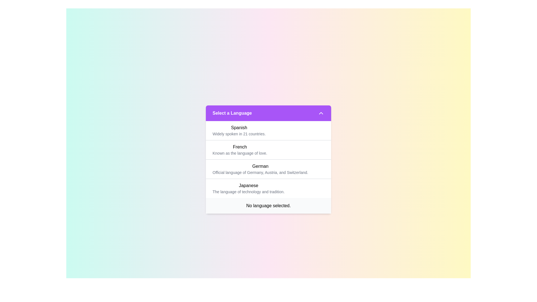 Image resolution: width=537 pixels, height=302 pixels. Describe the element at coordinates (268, 169) in the screenshot. I see `the selectable list item for 'German', which is the third option in the dropdown menu located between 'French' and 'Japanese'` at that location.